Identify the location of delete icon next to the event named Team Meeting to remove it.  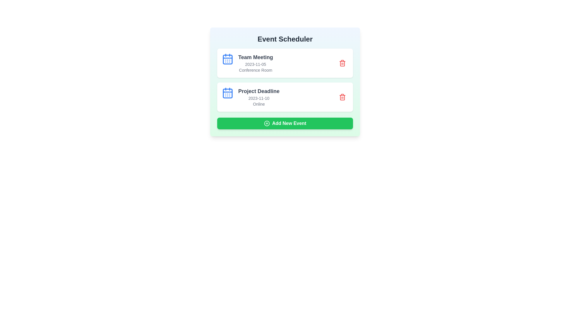
(342, 63).